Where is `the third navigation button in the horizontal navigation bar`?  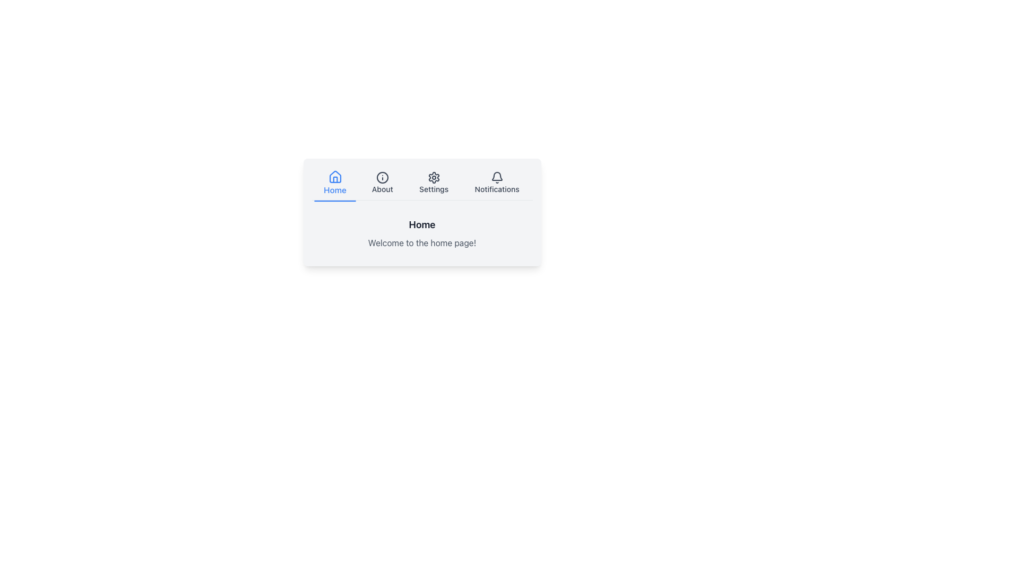
the third navigation button in the horizontal navigation bar is located at coordinates (434, 183).